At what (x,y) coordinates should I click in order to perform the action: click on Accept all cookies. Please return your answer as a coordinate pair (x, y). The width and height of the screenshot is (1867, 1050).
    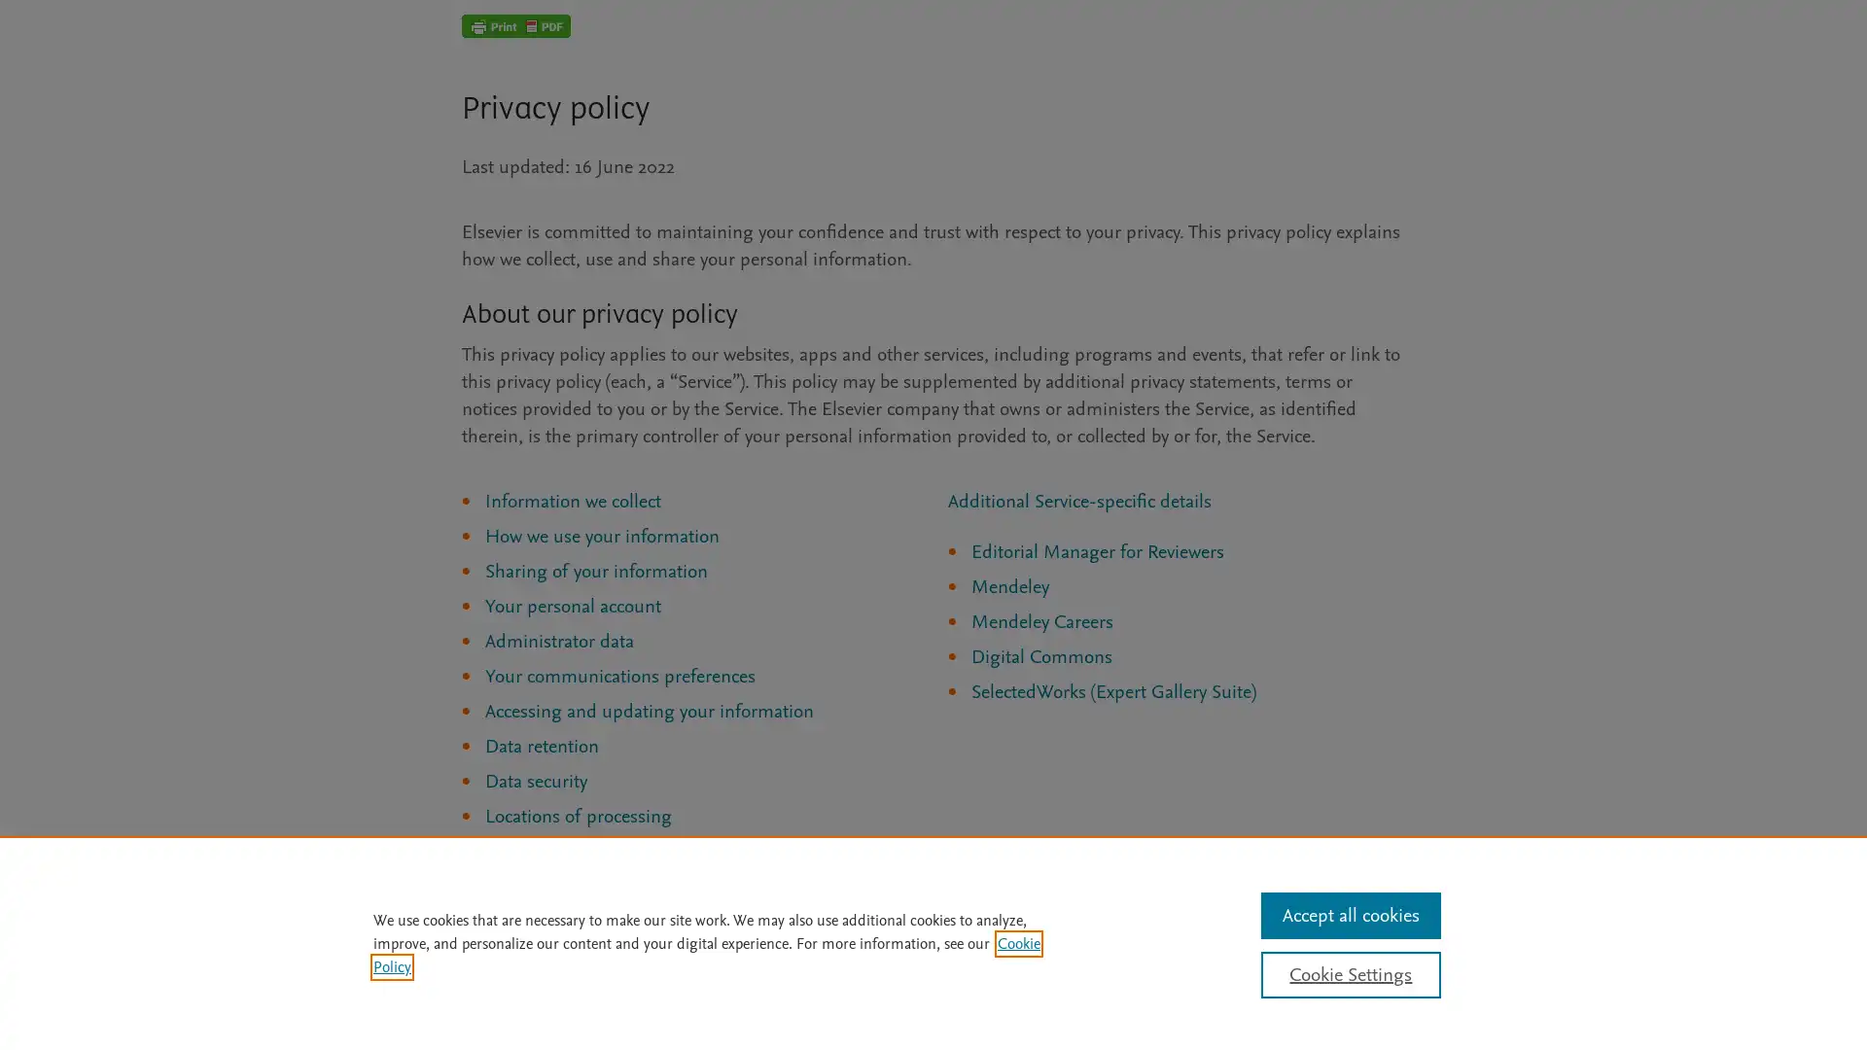
    Looking at the image, I should click on (1349, 915).